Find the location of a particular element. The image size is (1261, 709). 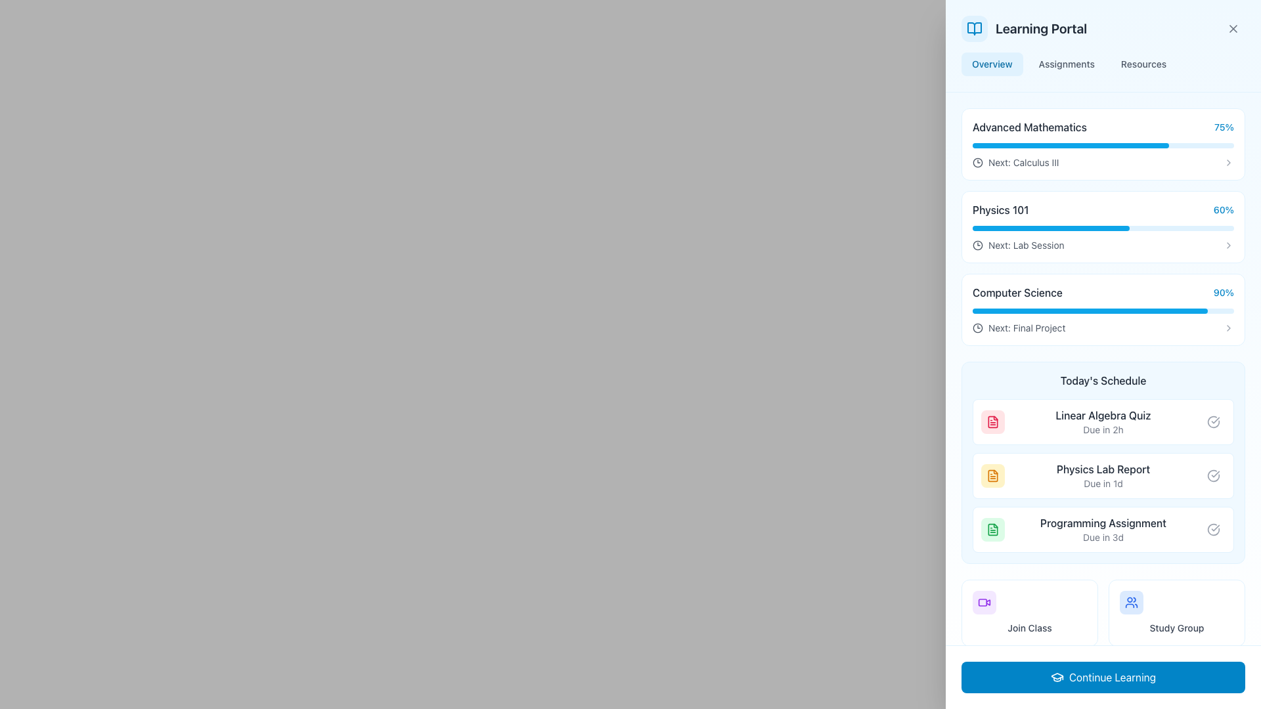

the Progress bar that visually represents the user's completion ratio in the 'Computer Science' module, centrally positioned between 'Physics 101' and 'Today's Schedule' is located at coordinates (1090, 311).